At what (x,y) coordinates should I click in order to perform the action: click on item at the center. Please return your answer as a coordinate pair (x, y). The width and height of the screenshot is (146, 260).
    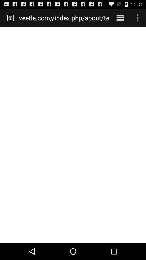
    Looking at the image, I should click on (73, 135).